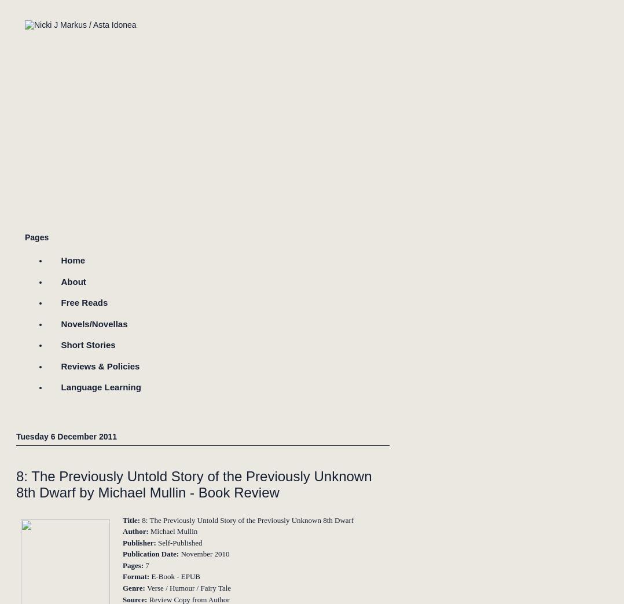 Image resolution: width=624 pixels, height=604 pixels. What do you see at coordinates (175, 576) in the screenshot?
I see `'E-Book - EPUB'` at bounding box center [175, 576].